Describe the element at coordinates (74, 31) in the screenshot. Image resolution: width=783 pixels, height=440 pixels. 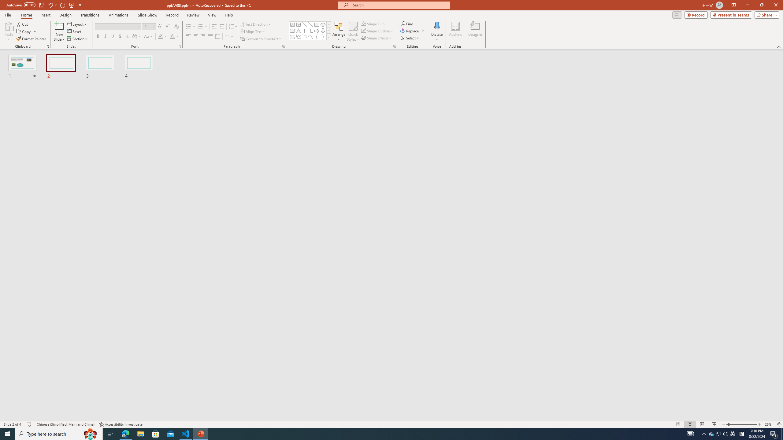
I see `'Reset'` at that location.